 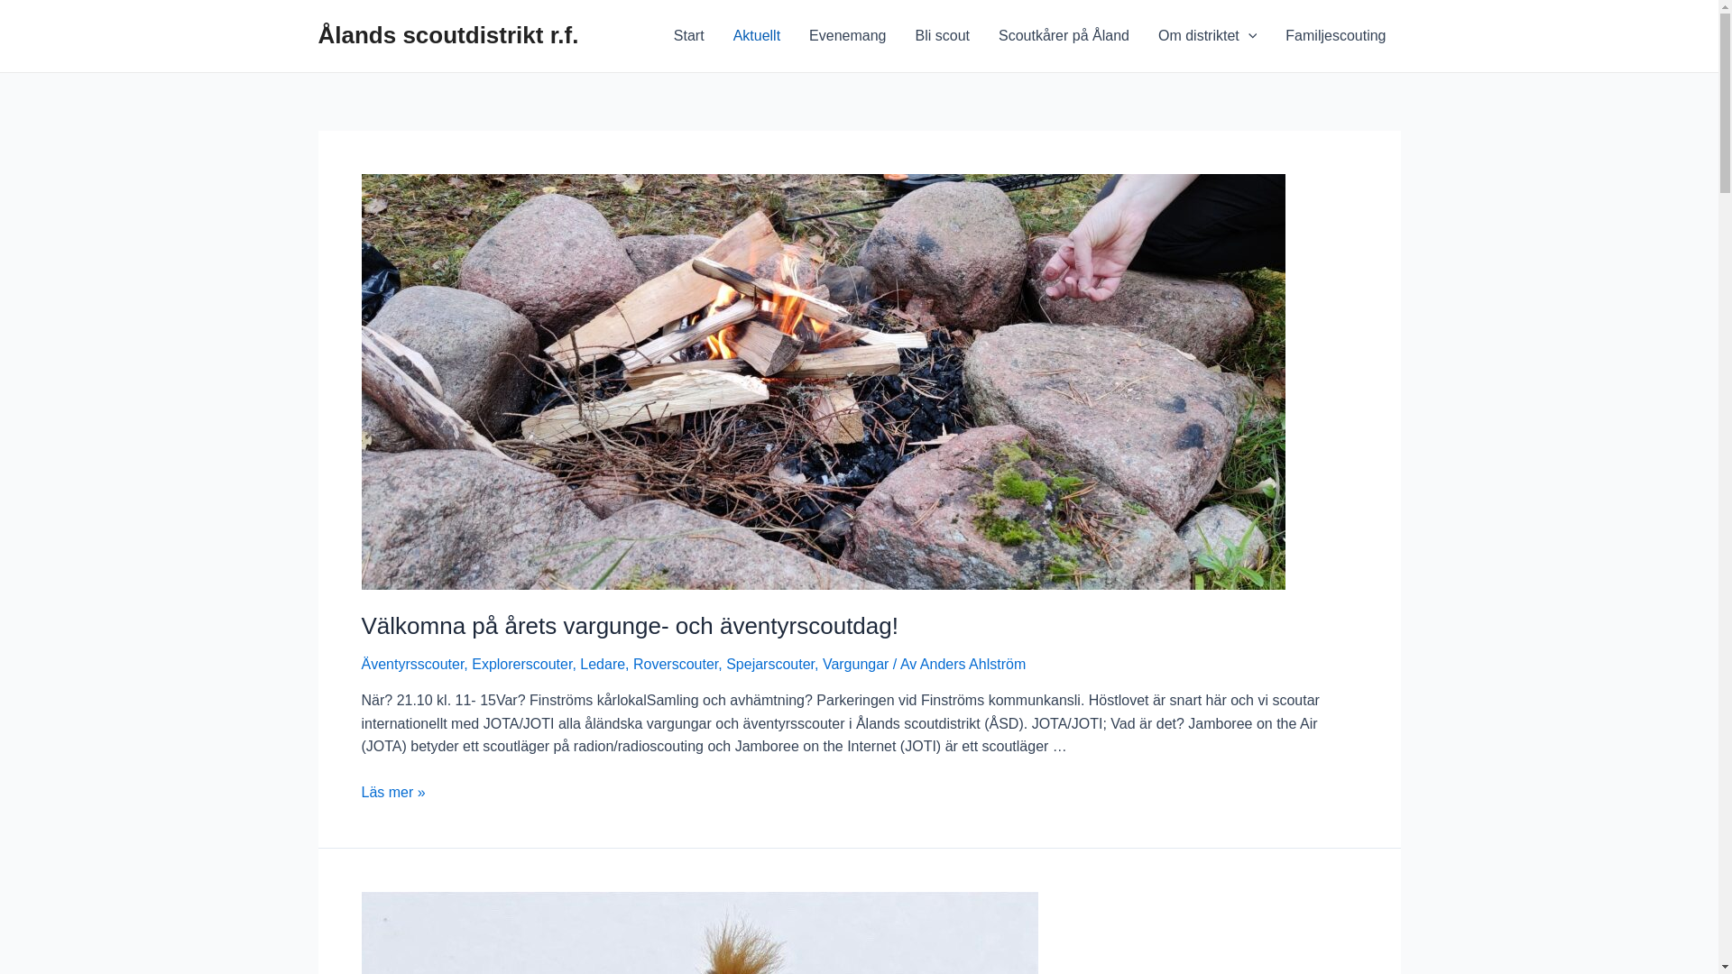 What do you see at coordinates (521, 664) in the screenshot?
I see `'Explorerscouter'` at bounding box center [521, 664].